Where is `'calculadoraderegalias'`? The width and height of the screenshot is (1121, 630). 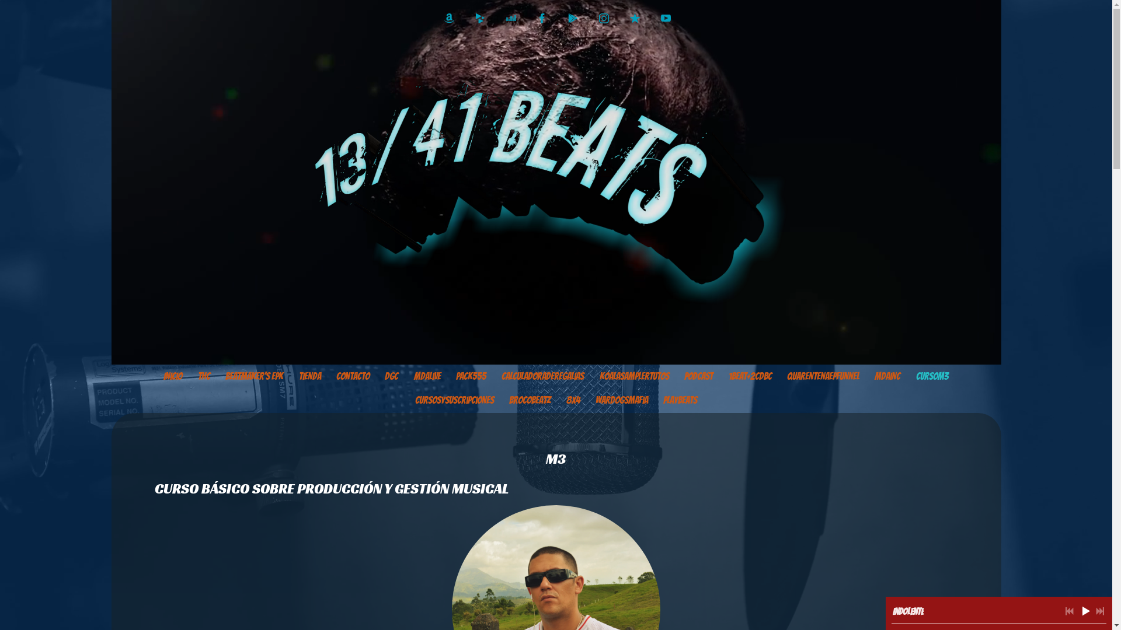 'calculadoraderegalias' is located at coordinates (493, 376).